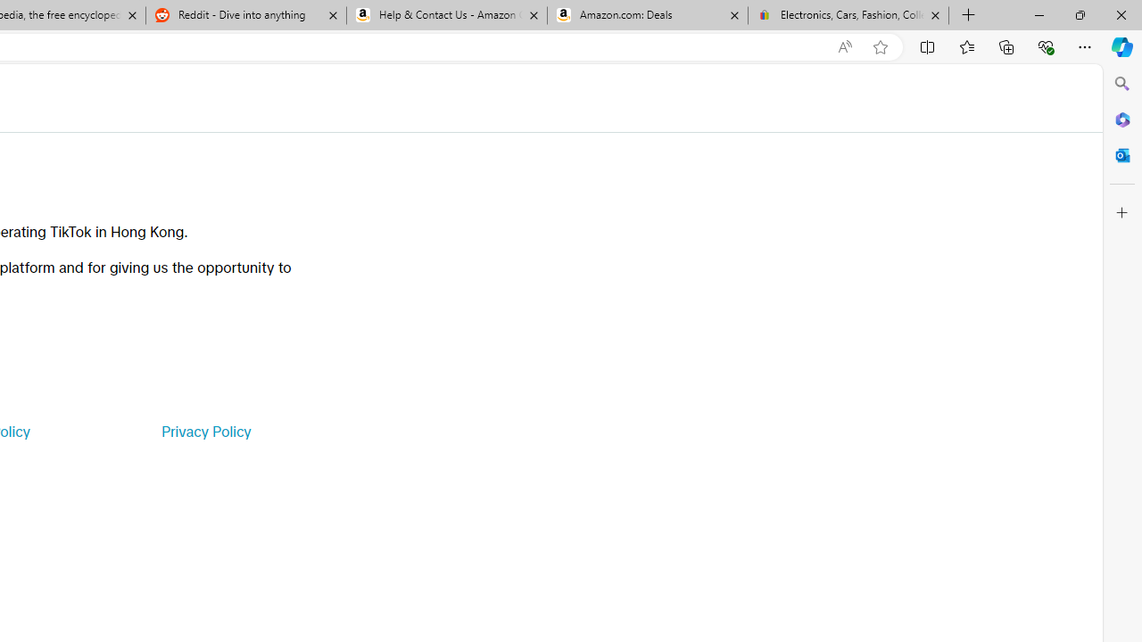  What do you see at coordinates (1079, 14) in the screenshot?
I see `'Restore'` at bounding box center [1079, 14].